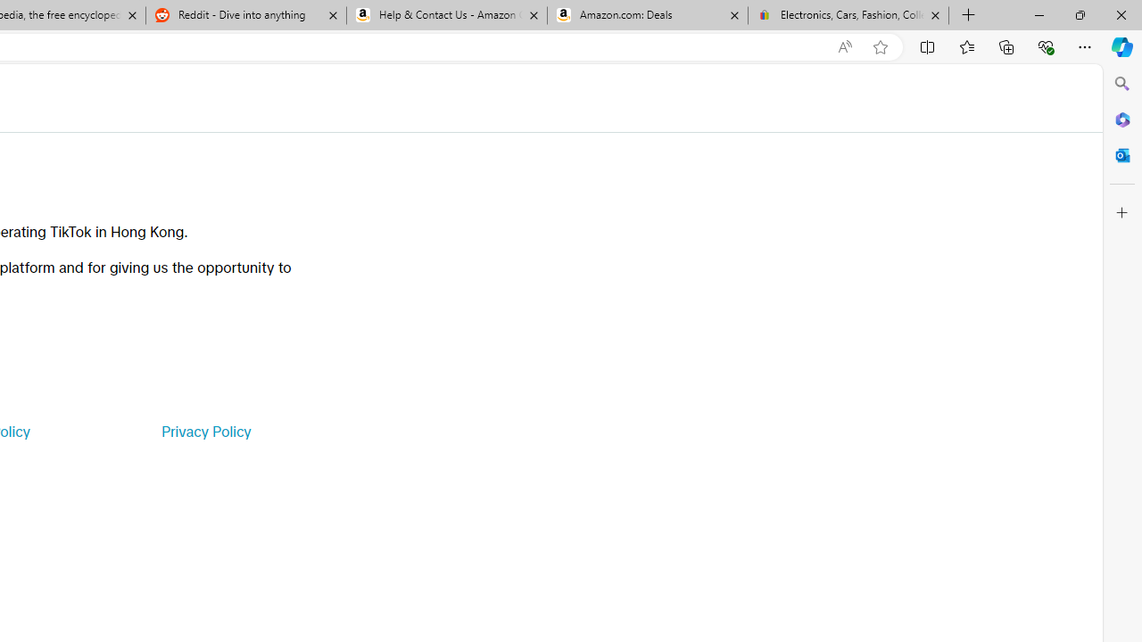  What do you see at coordinates (1079, 14) in the screenshot?
I see `'Restore'` at bounding box center [1079, 14].